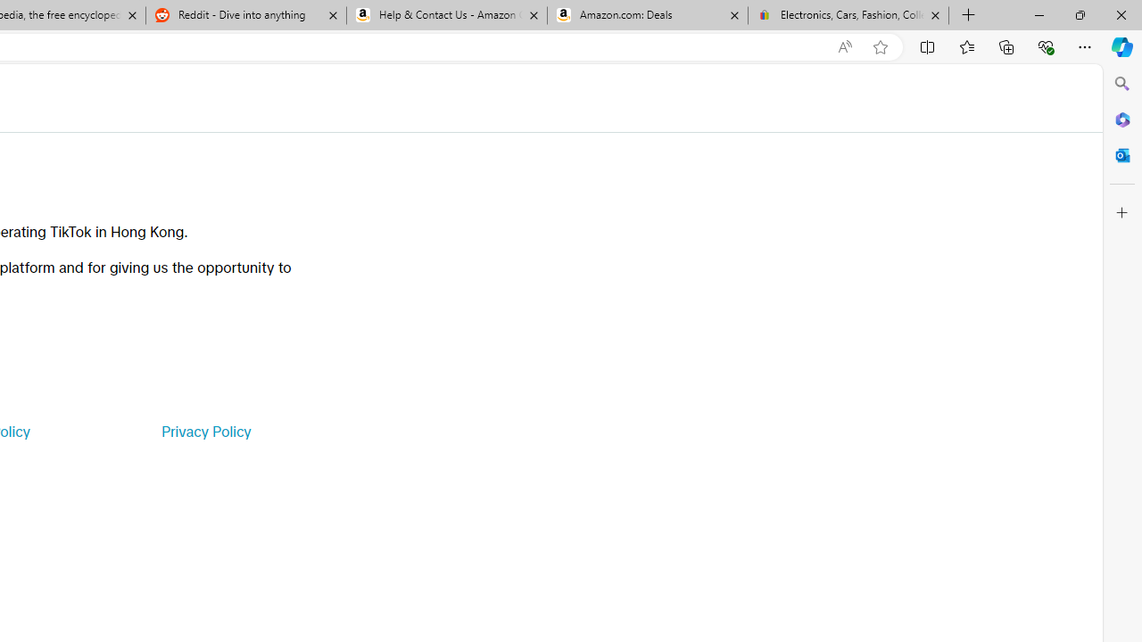  What do you see at coordinates (1079, 14) in the screenshot?
I see `'Restore'` at bounding box center [1079, 14].